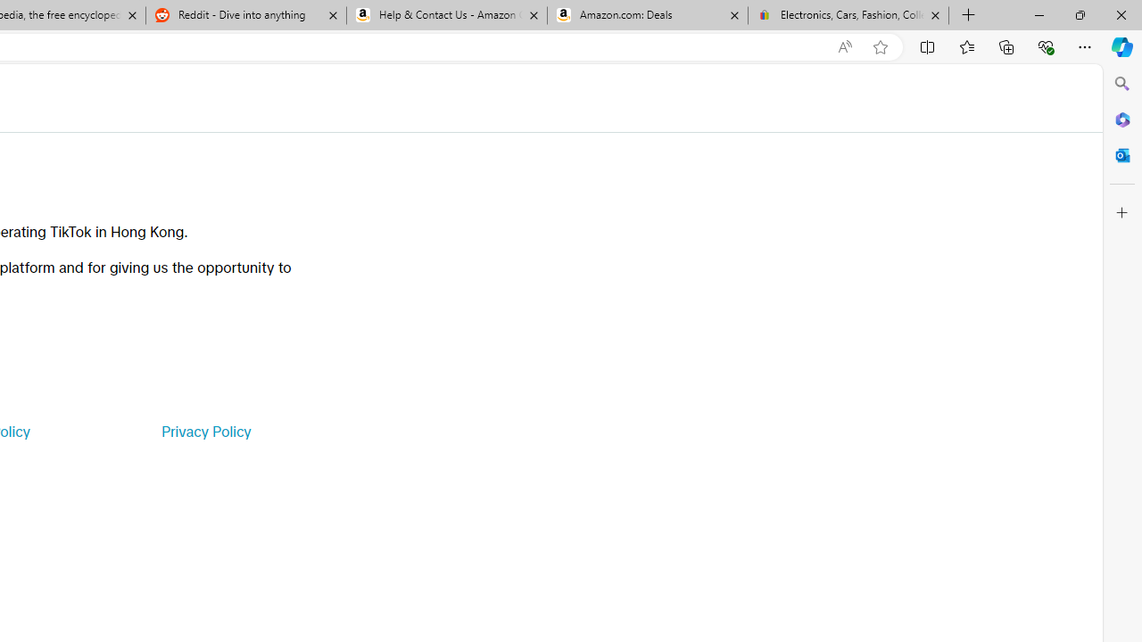  What do you see at coordinates (1079, 14) in the screenshot?
I see `'Restore'` at bounding box center [1079, 14].